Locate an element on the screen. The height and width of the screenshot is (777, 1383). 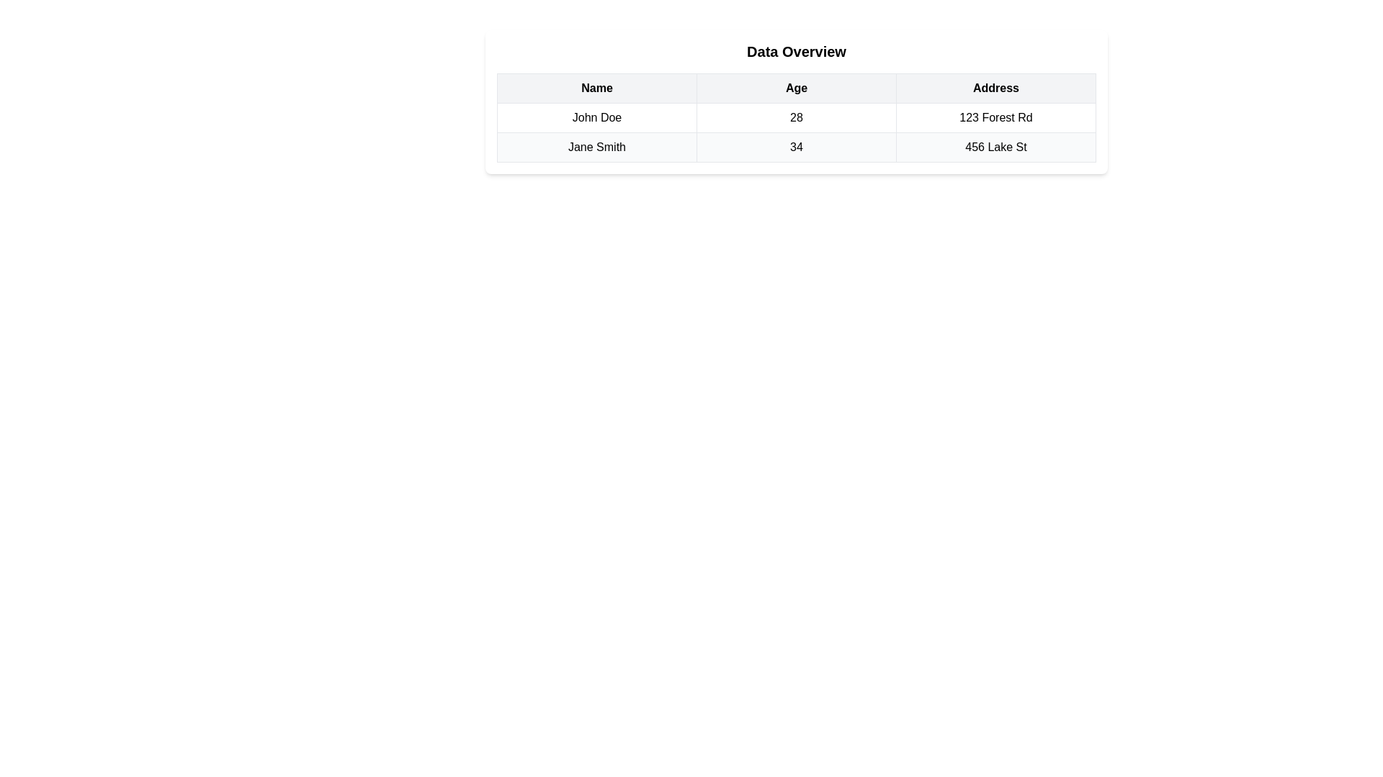
on the 'John Doe' text label located in the first cell of the first data row under the 'Name' column in the table is located at coordinates (597, 117).